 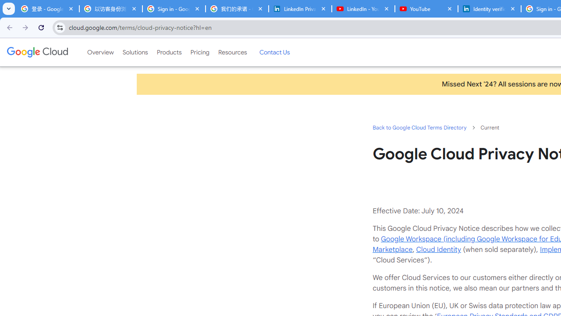 What do you see at coordinates (300, 9) in the screenshot?
I see `'LinkedIn Privacy Policy'` at bounding box center [300, 9].